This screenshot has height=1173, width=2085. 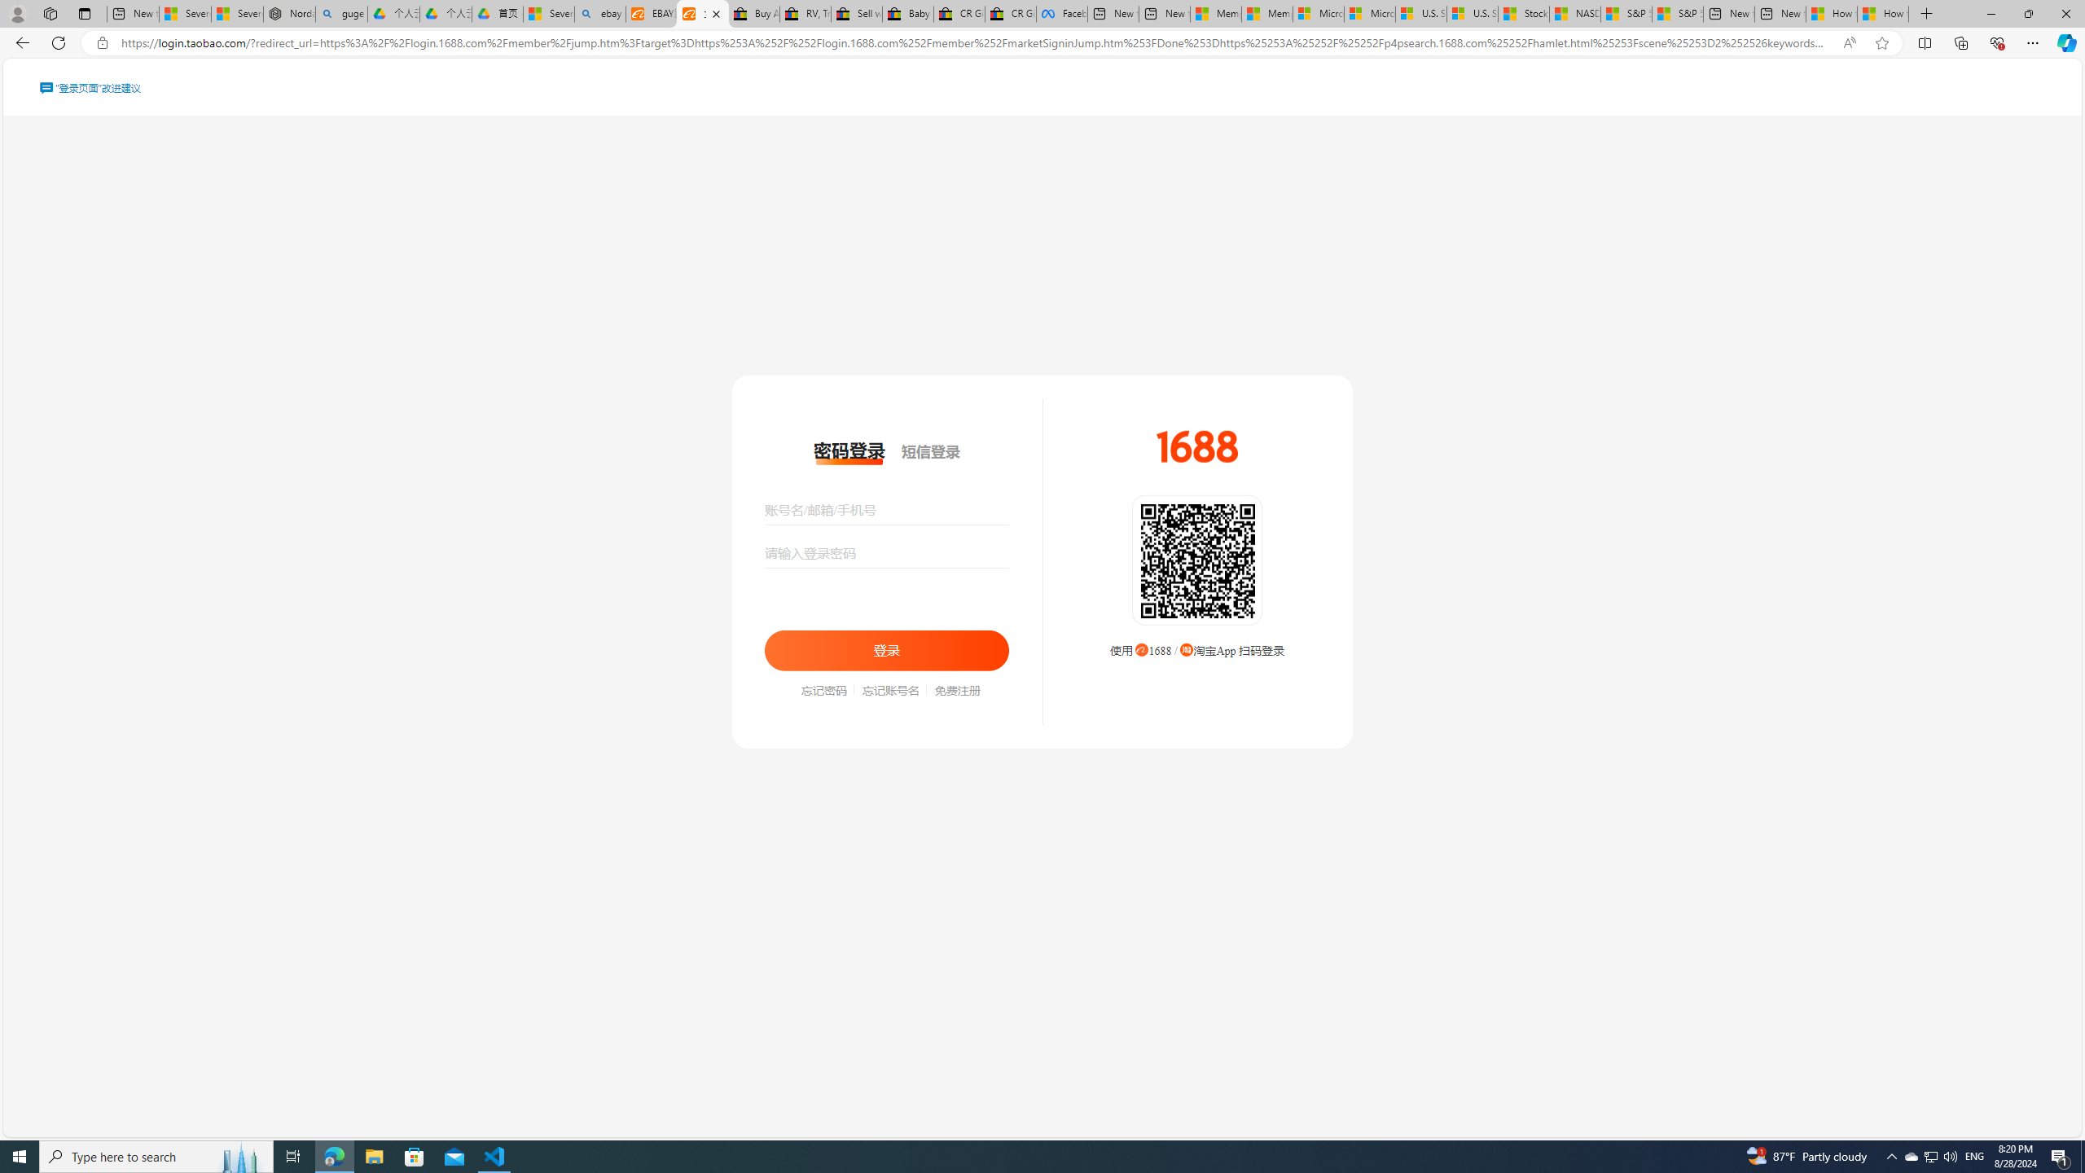 I want to click on 'How to Use a Monitor With Your Closed Laptop', so click(x=1882, y=13).